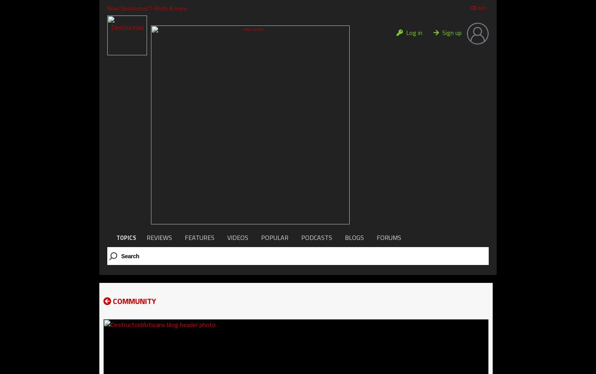 The image size is (596, 374). What do you see at coordinates (146, 237) in the screenshot?
I see `'REVIEWS'` at bounding box center [146, 237].